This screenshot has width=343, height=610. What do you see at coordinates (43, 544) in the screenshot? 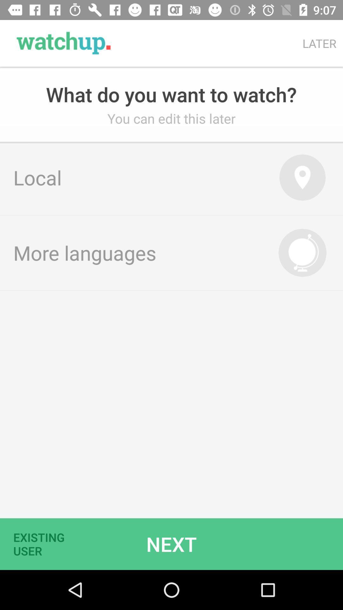
I see `the item at the bottom left corner` at bounding box center [43, 544].